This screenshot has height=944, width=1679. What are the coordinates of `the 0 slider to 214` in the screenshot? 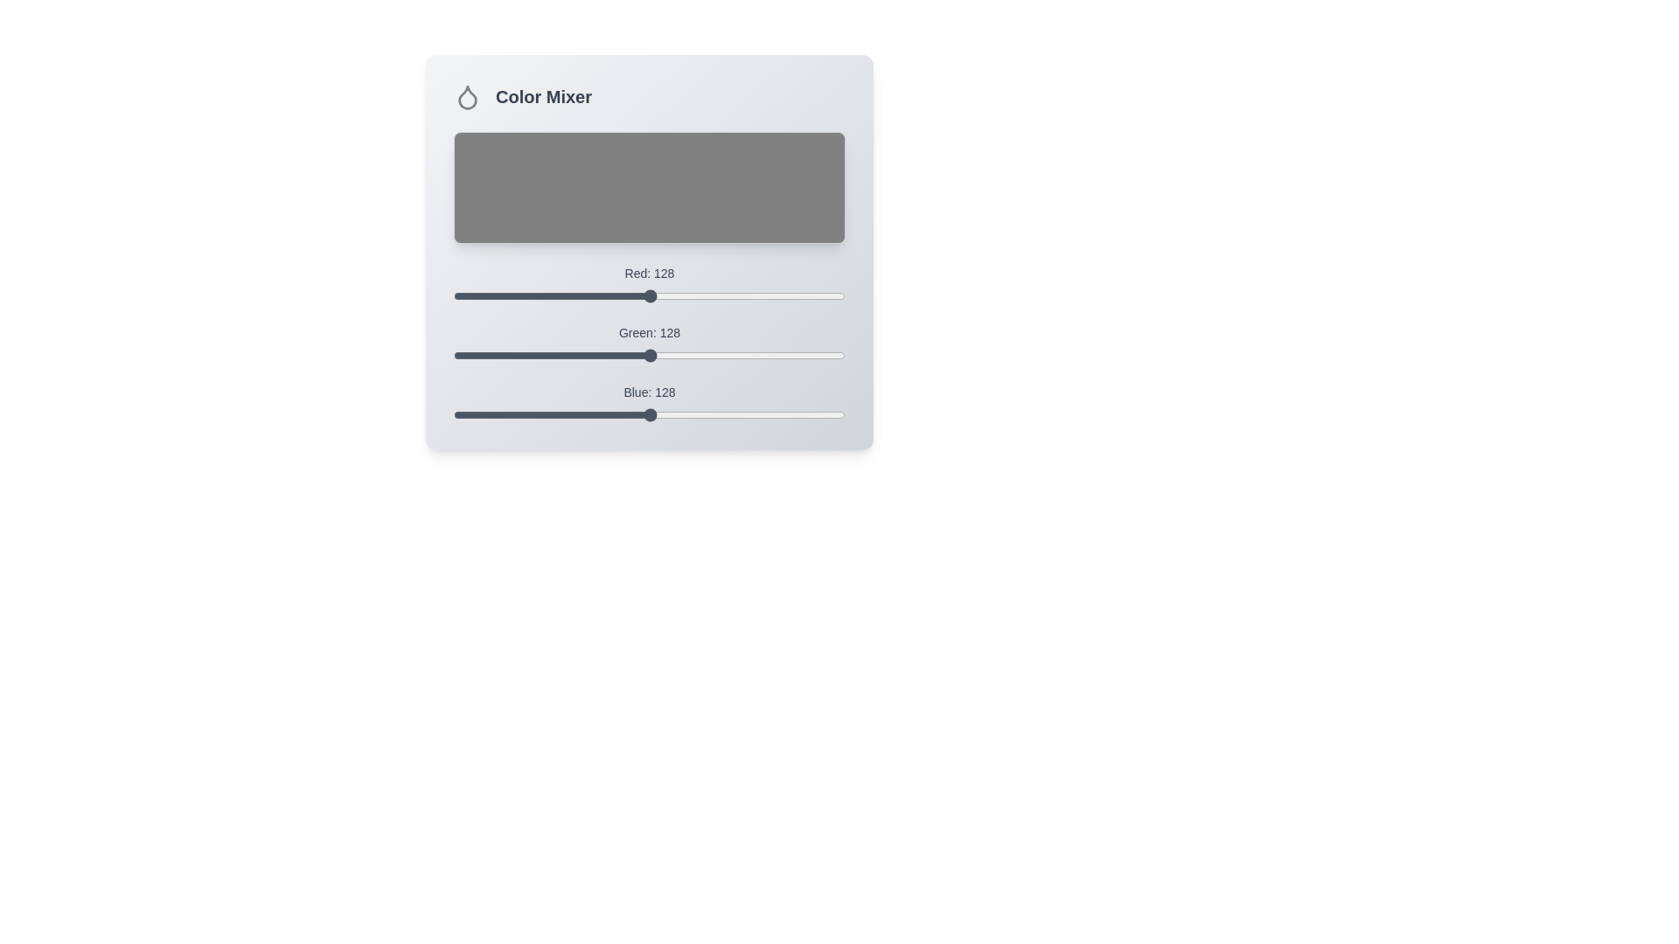 It's located at (781, 288).